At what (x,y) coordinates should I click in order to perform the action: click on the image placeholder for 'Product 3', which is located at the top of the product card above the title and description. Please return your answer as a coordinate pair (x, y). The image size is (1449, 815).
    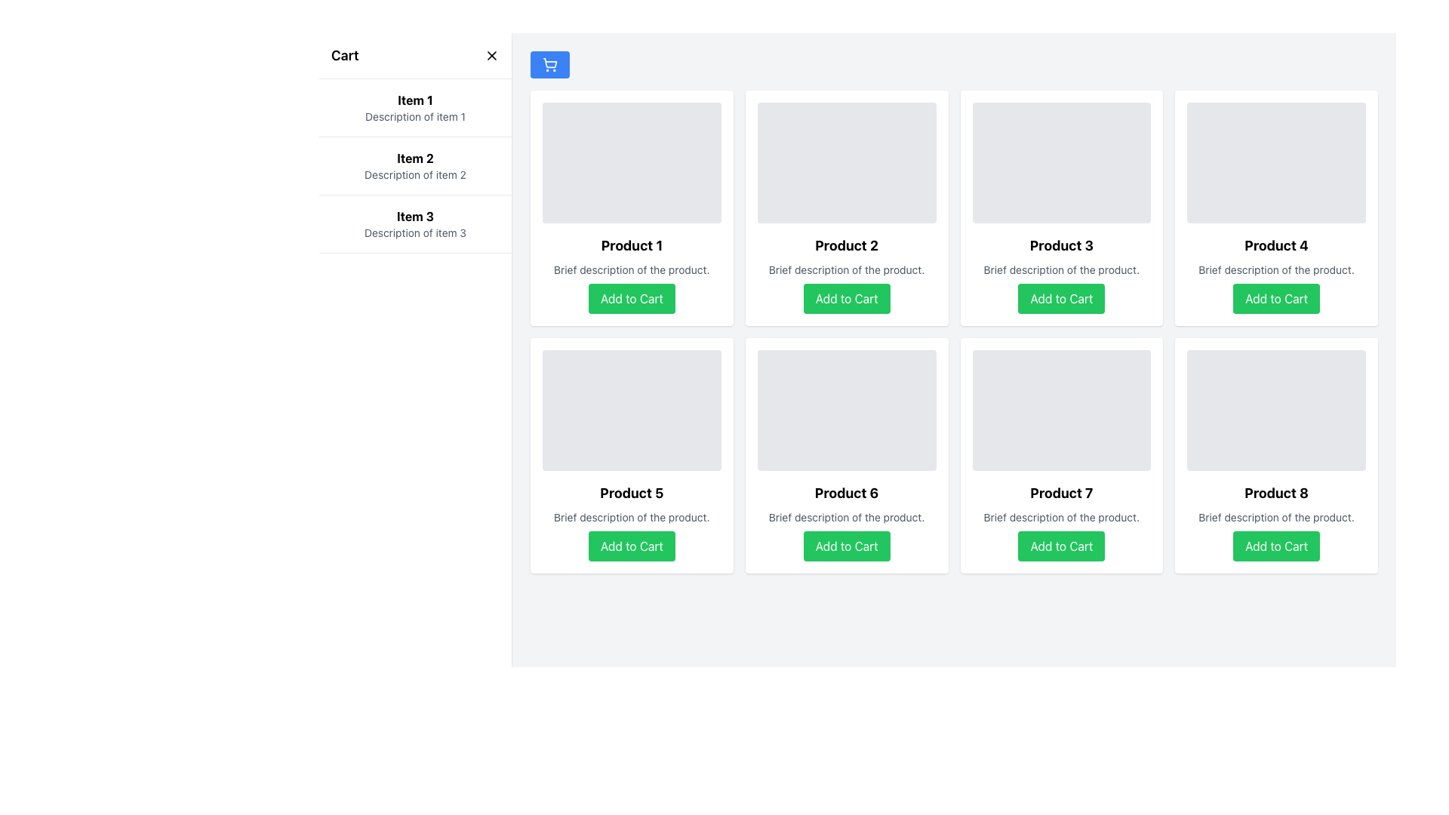
    Looking at the image, I should click on (1060, 163).